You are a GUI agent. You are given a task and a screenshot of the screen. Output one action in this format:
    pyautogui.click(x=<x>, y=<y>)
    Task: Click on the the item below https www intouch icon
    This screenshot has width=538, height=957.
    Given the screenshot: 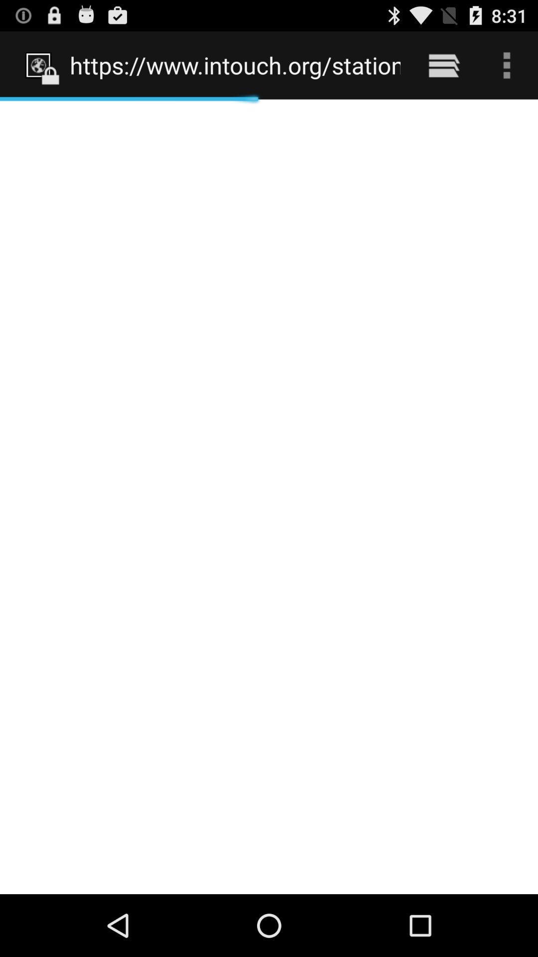 What is the action you would take?
    pyautogui.click(x=269, y=496)
    